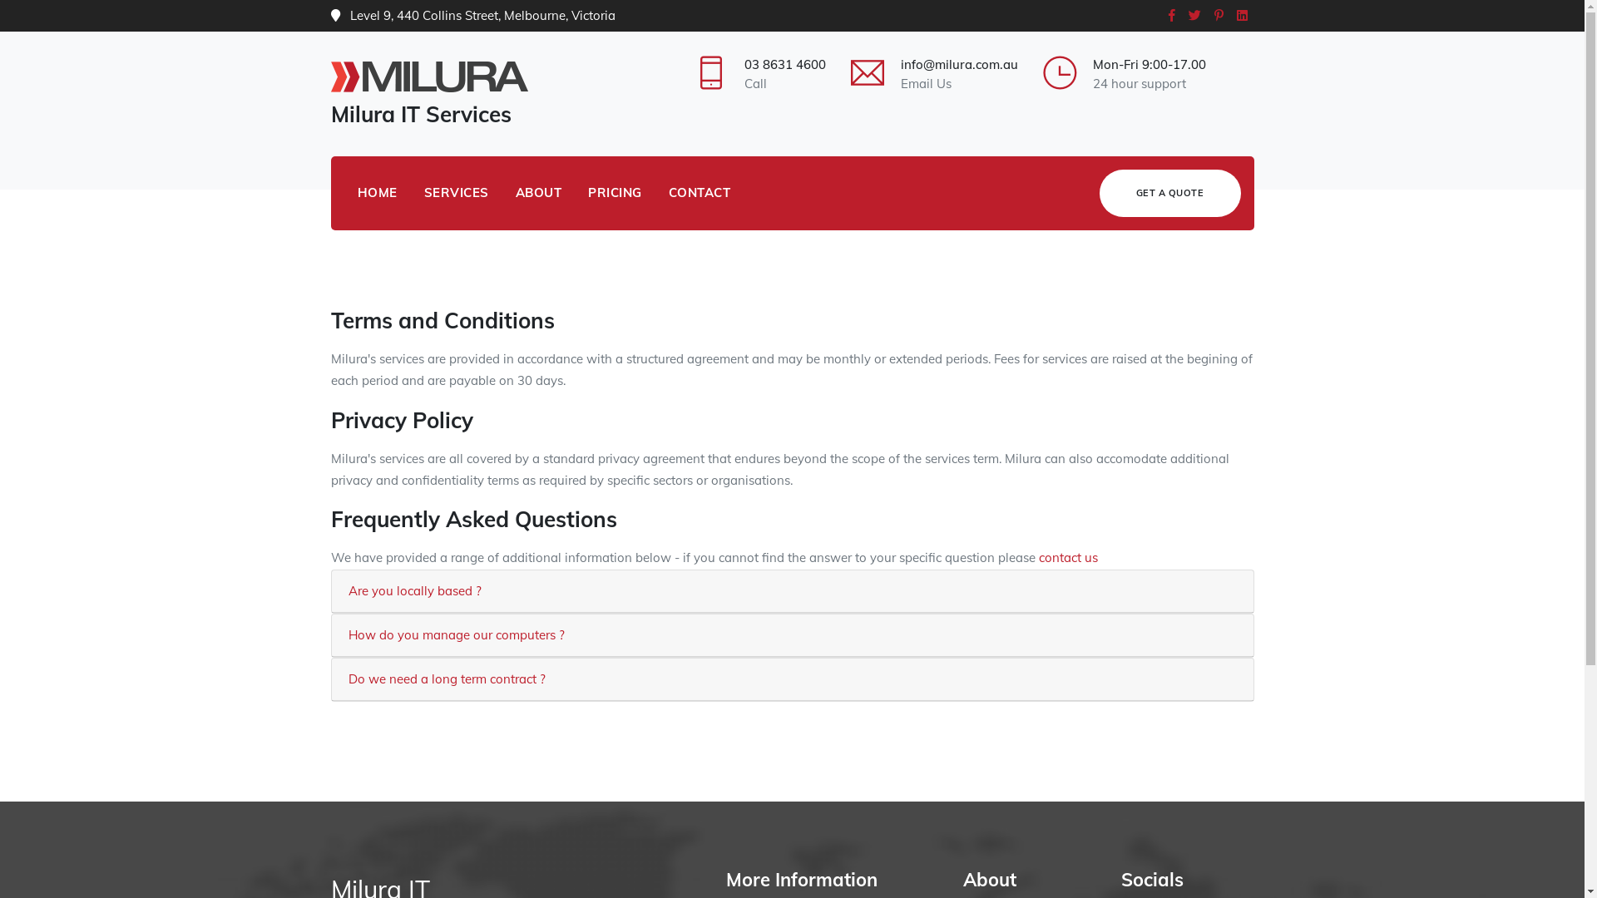 Image resolution: width=1597 pixels, height=898 pixels. I want to click on 'Are you locally based ?', so click(414, 589).